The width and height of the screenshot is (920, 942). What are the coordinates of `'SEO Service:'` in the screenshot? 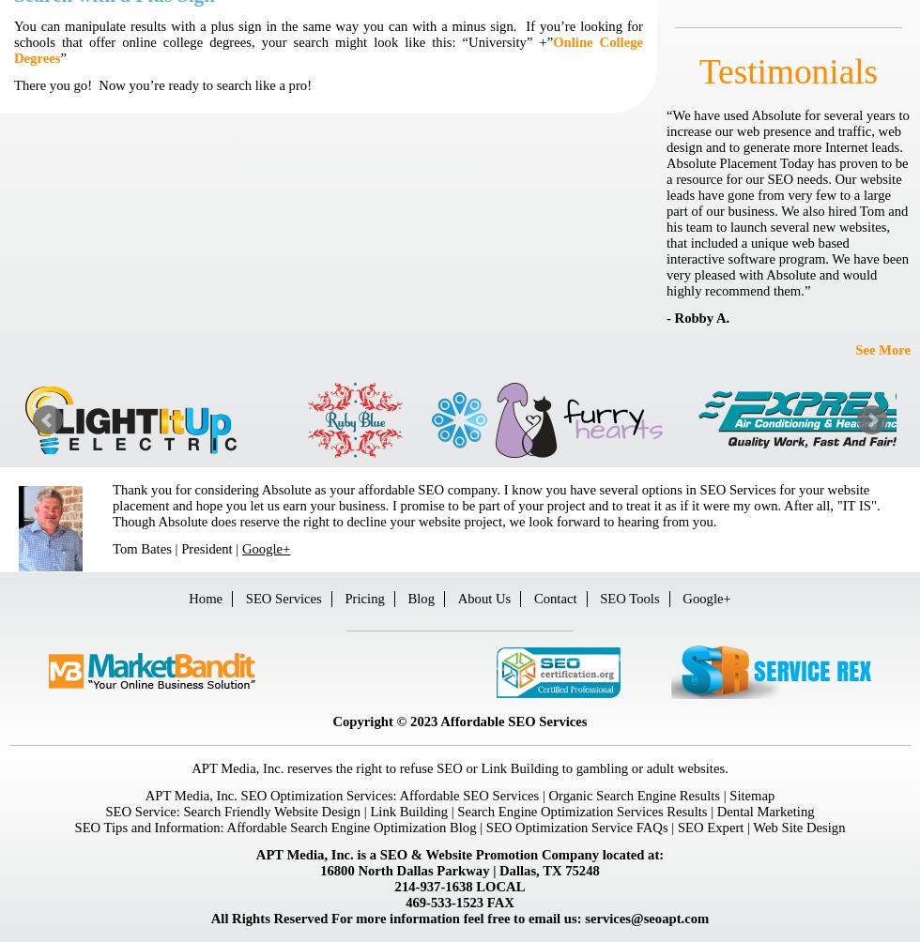 It's located at (105, 812).